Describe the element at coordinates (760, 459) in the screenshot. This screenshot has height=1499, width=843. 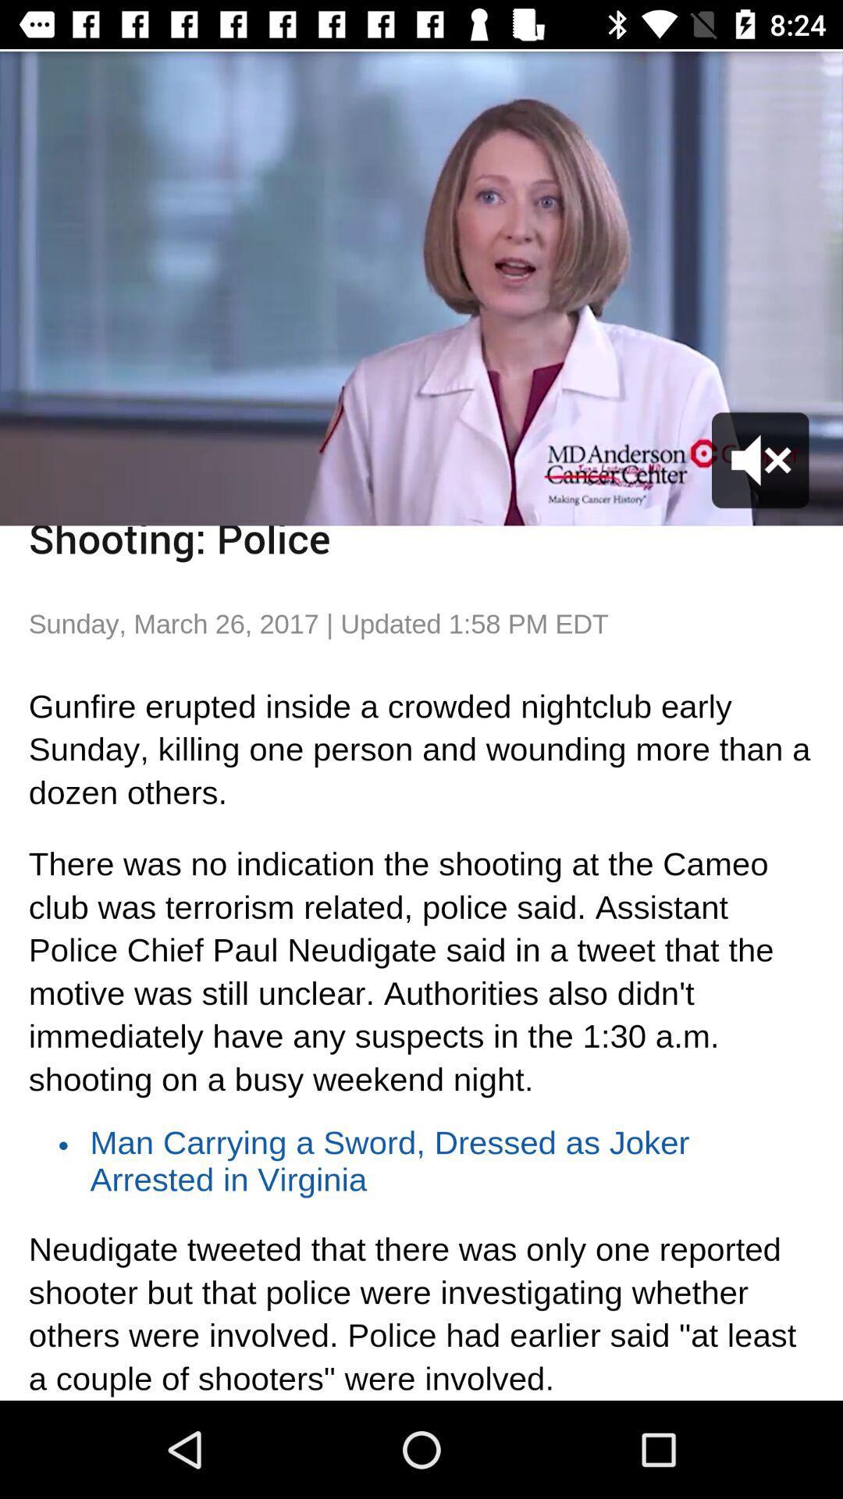
I see `the volume icon` at that location.